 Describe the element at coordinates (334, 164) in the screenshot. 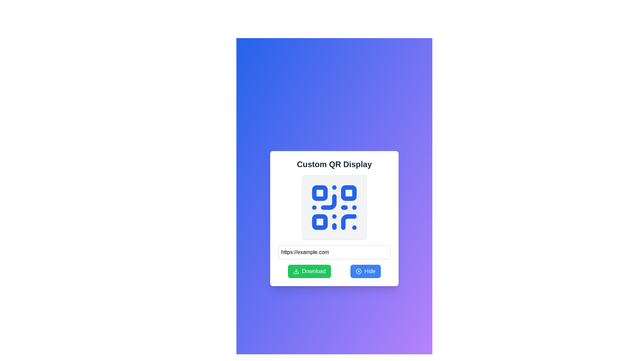

I see `displayed text from the bold, dark 'Custom QR Display' text label located at the top of the rectangular card interface` at that location.